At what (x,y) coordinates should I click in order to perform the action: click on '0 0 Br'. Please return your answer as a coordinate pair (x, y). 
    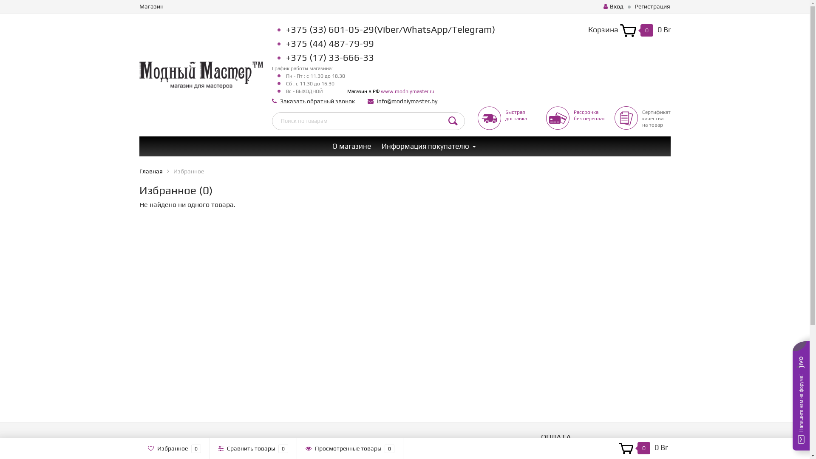
    Looking at the image, I should click on (615, 448).